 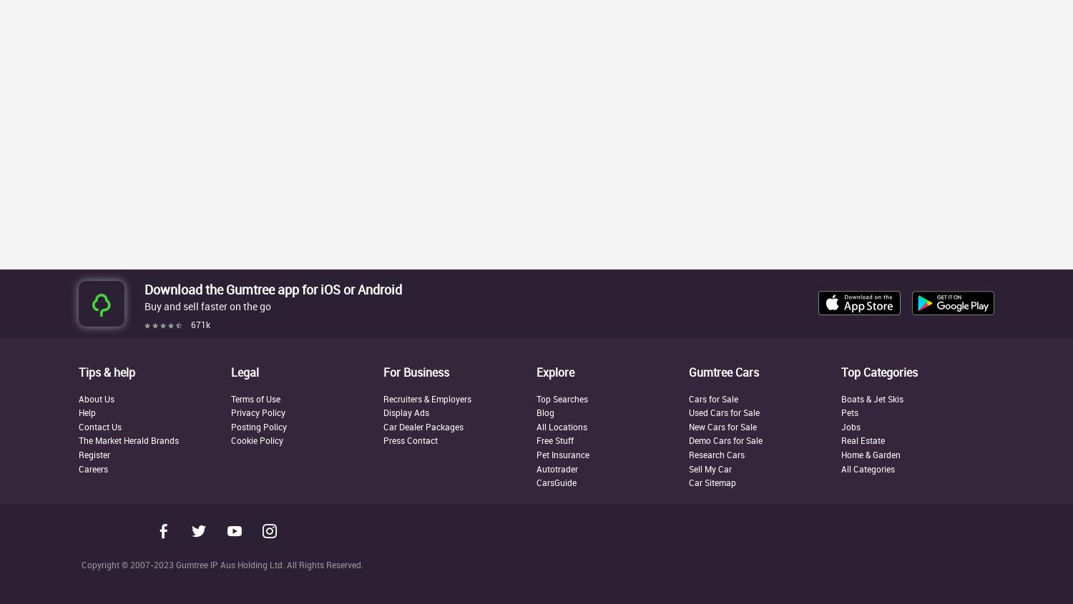 I want to click on 'Car Dealer Packages', so click(x=423, y=425).